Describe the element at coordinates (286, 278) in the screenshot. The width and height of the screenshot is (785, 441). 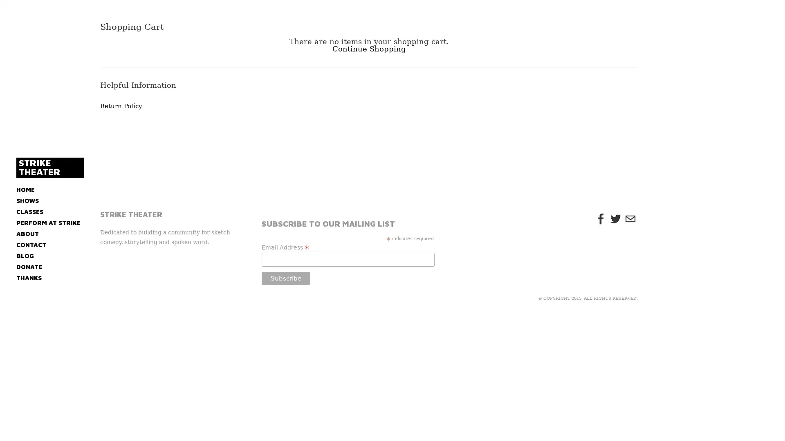
I see `Subscribe` at that location.